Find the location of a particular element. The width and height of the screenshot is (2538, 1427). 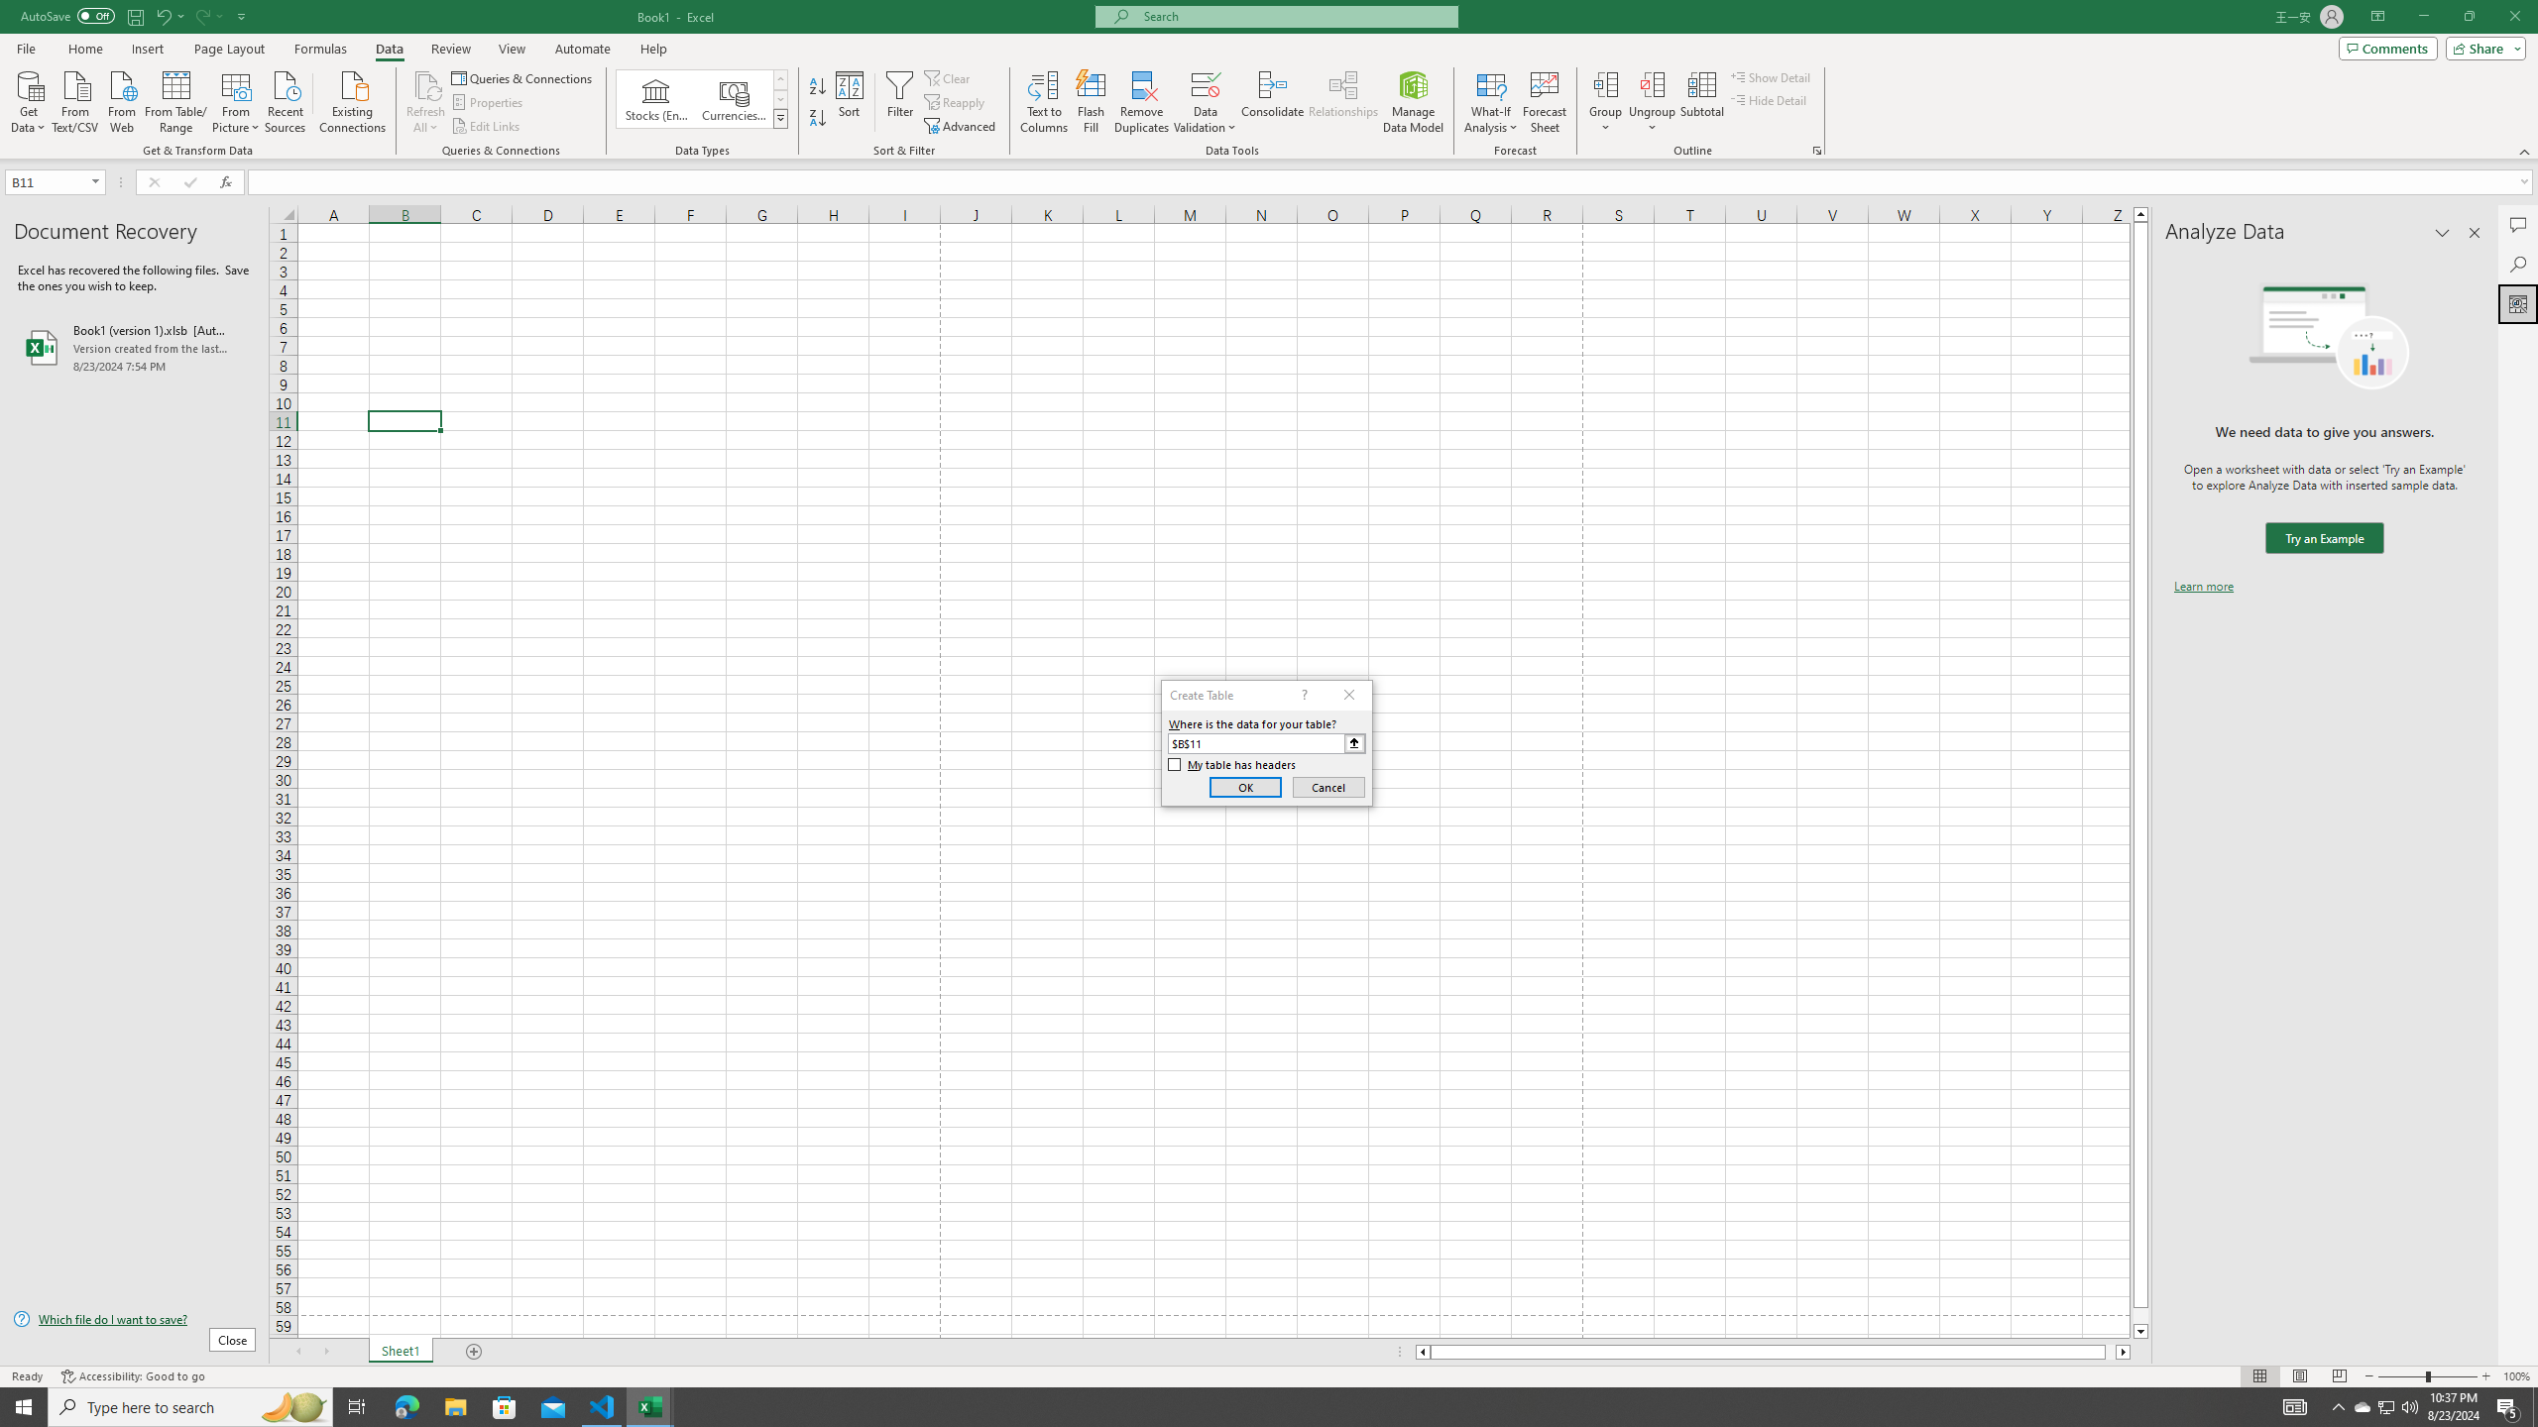

'Ungroup...' is located at coordinates (1652, 83).